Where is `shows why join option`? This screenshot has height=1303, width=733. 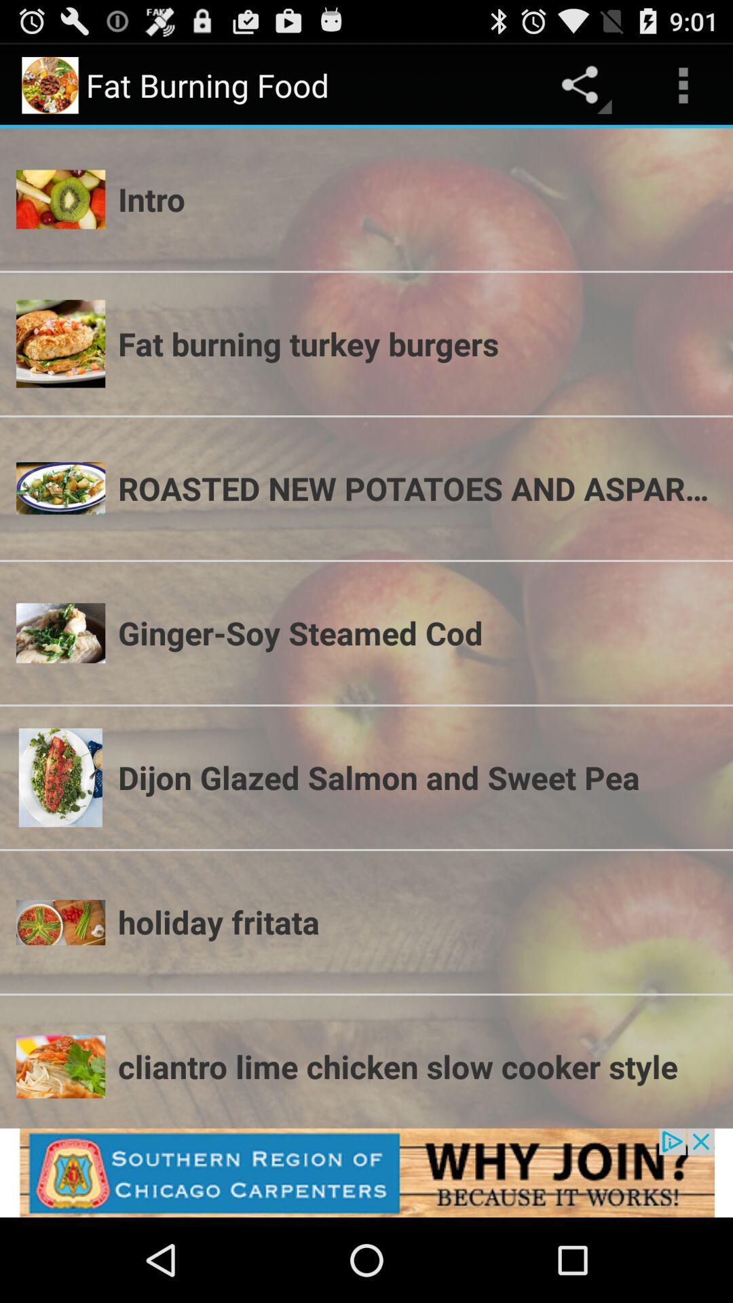 shows why join option is located at coordinates (366, 1172).